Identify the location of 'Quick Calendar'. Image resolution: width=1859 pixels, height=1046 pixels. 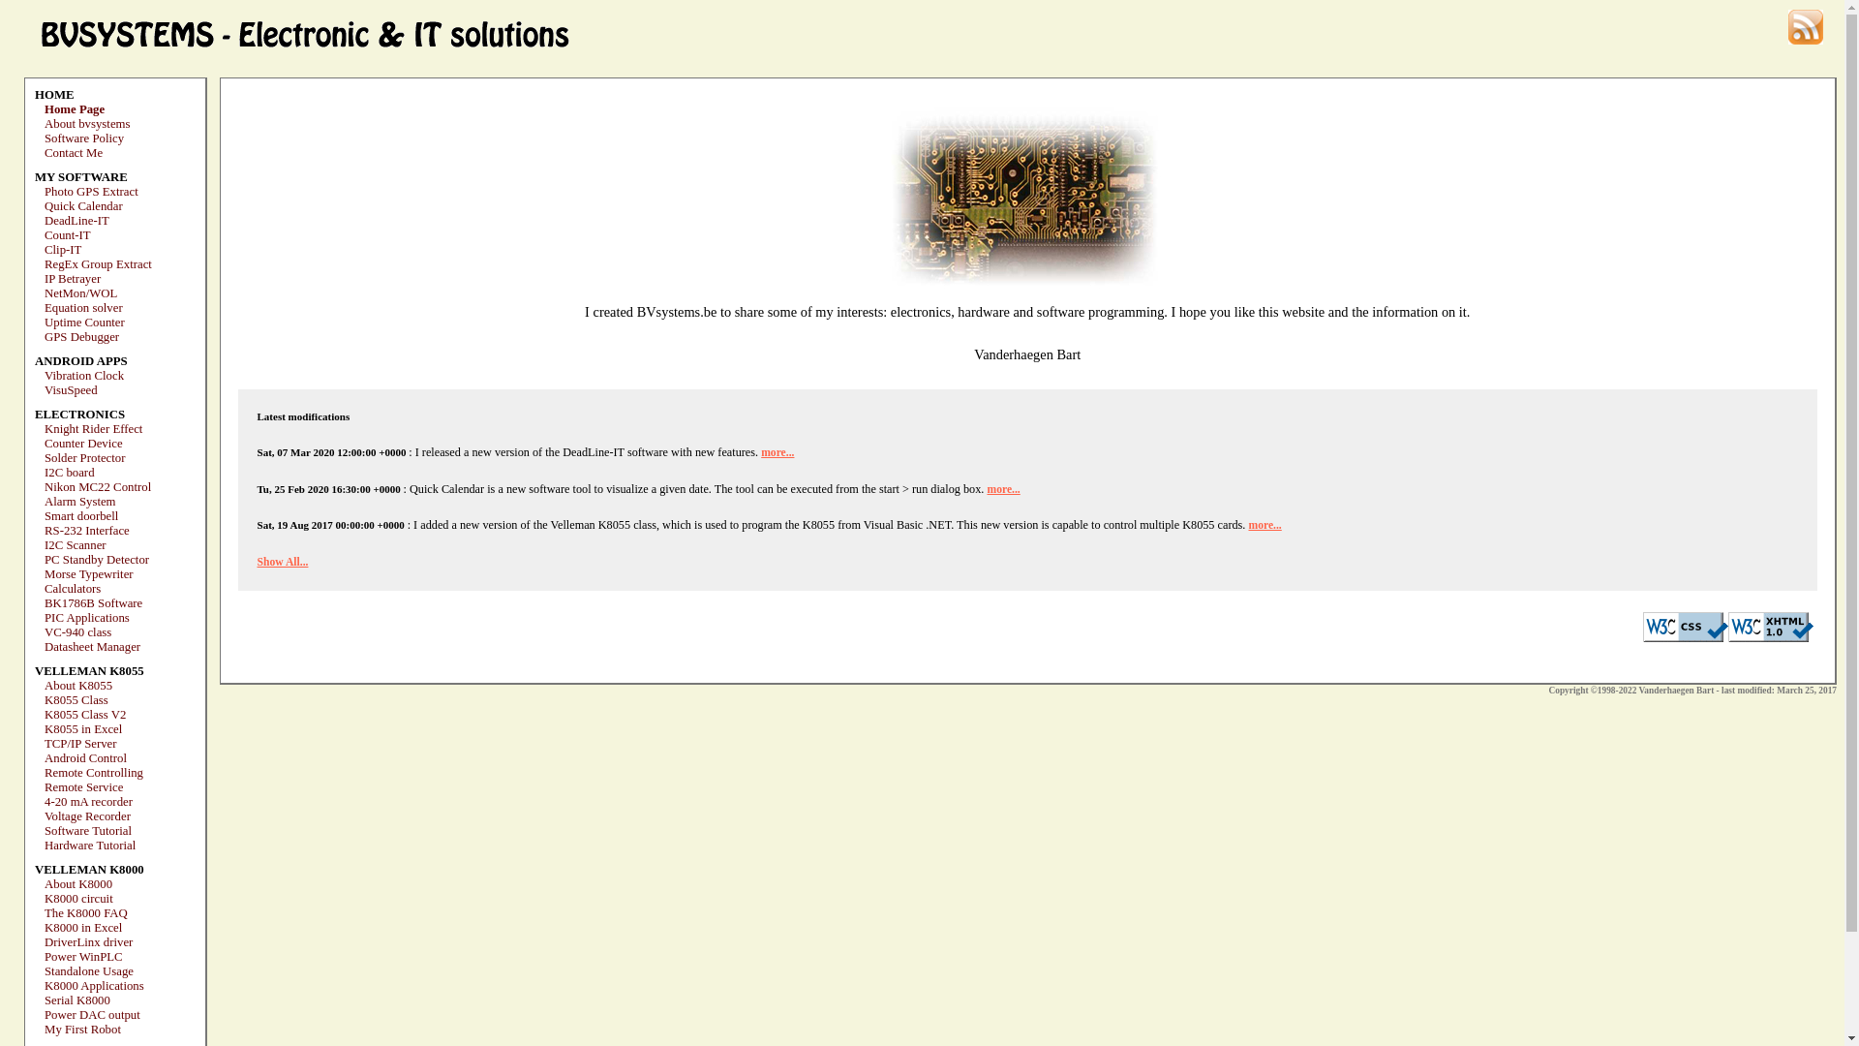
(82, 205).